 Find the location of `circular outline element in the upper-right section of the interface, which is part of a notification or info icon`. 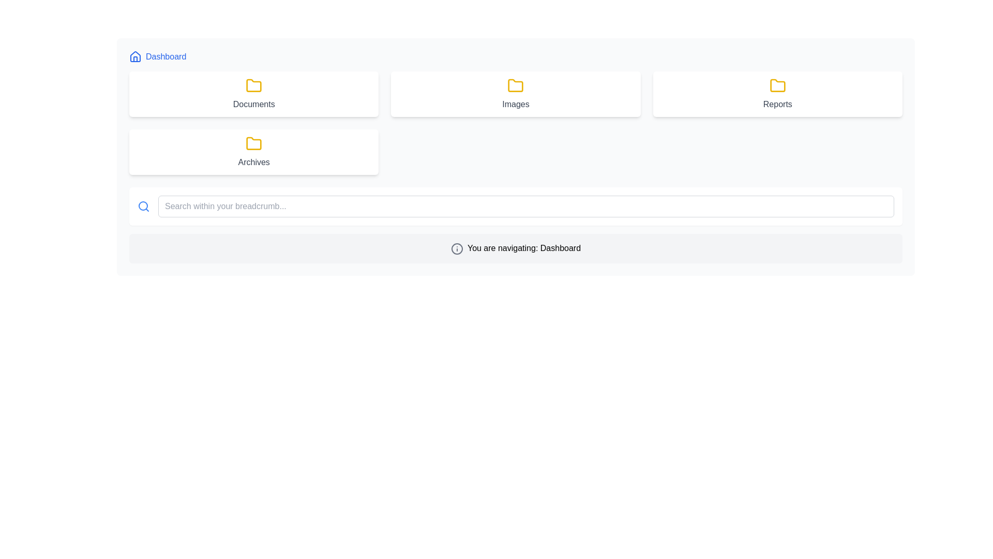

circular outline element in the upper-right section of the interface, which is part of a notification or info icon is located at coordinates (456, 248).